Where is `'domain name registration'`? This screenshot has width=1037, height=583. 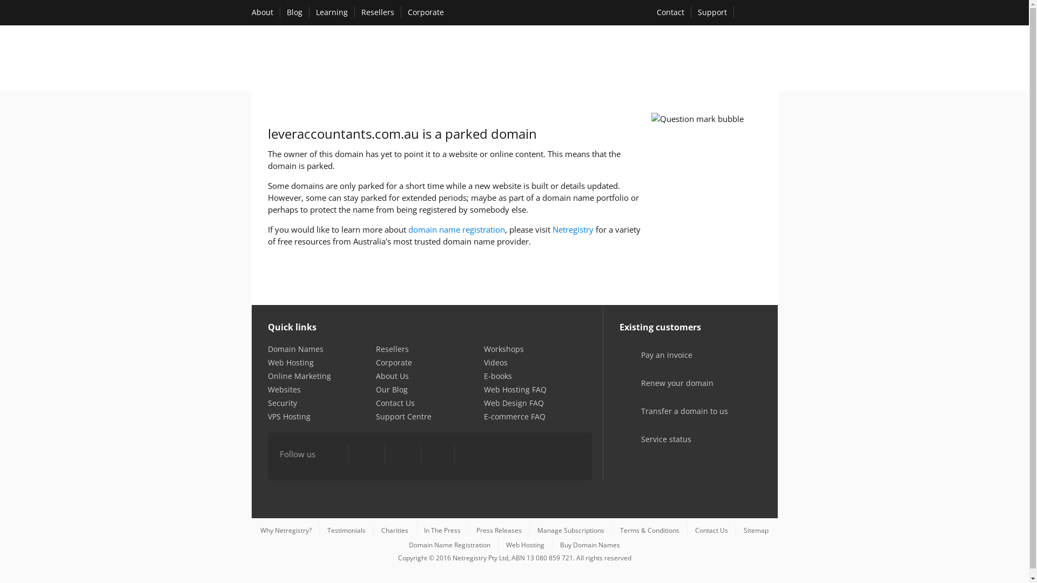
'domain name registration' is located at coordinates (456, 228).